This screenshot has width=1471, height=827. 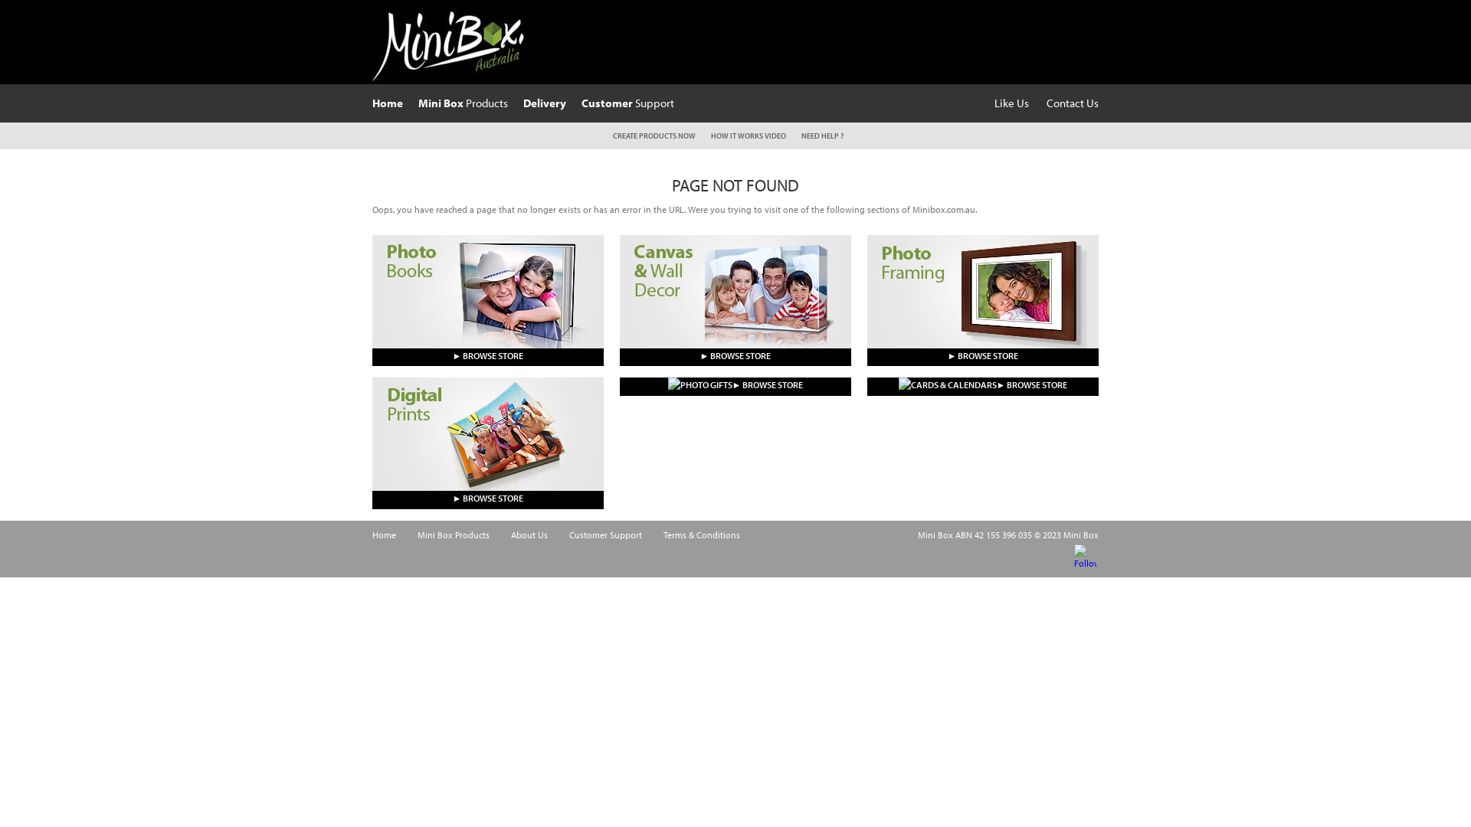 I want to click on 'Mini Box Products', so click(x=452, y=534).